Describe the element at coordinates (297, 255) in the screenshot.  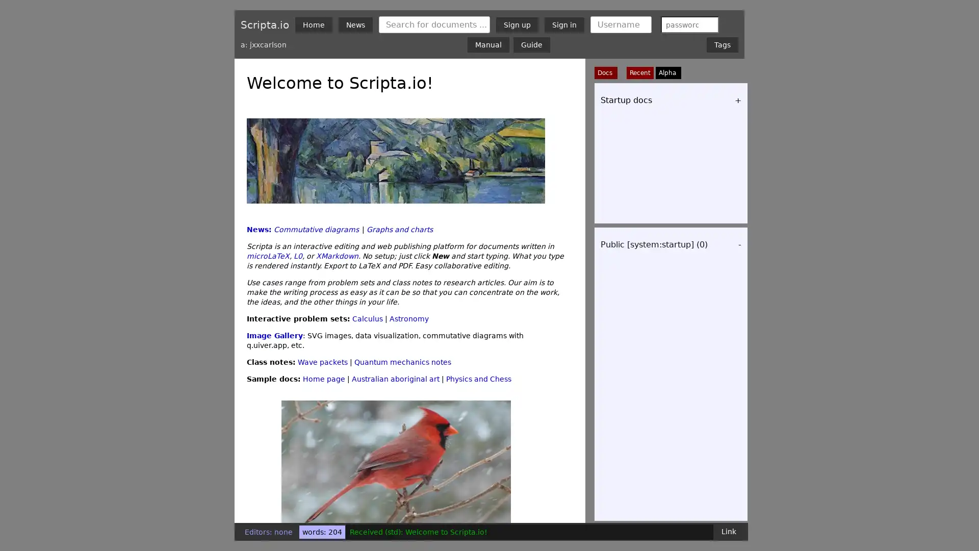
I see `L0` at that location.